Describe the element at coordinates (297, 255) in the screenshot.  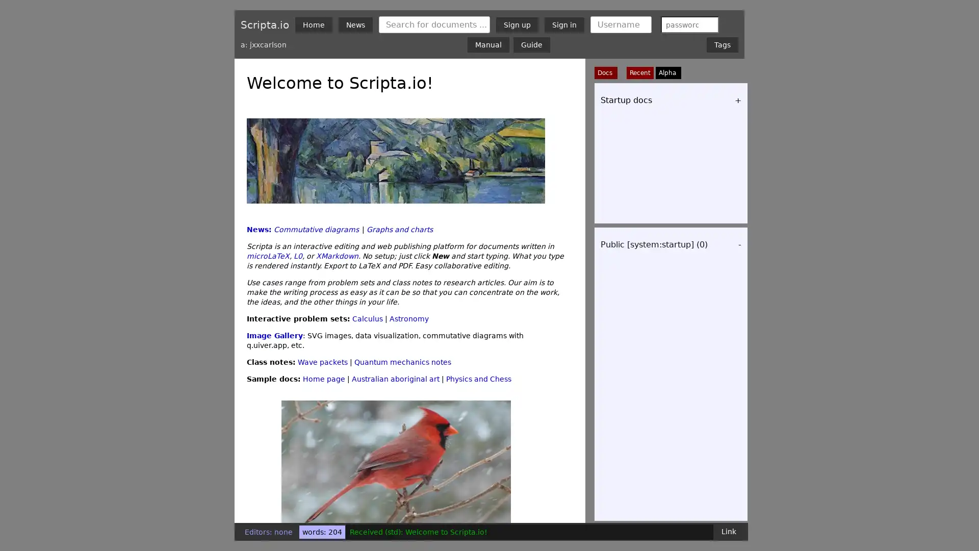
I see `L0` at that location.